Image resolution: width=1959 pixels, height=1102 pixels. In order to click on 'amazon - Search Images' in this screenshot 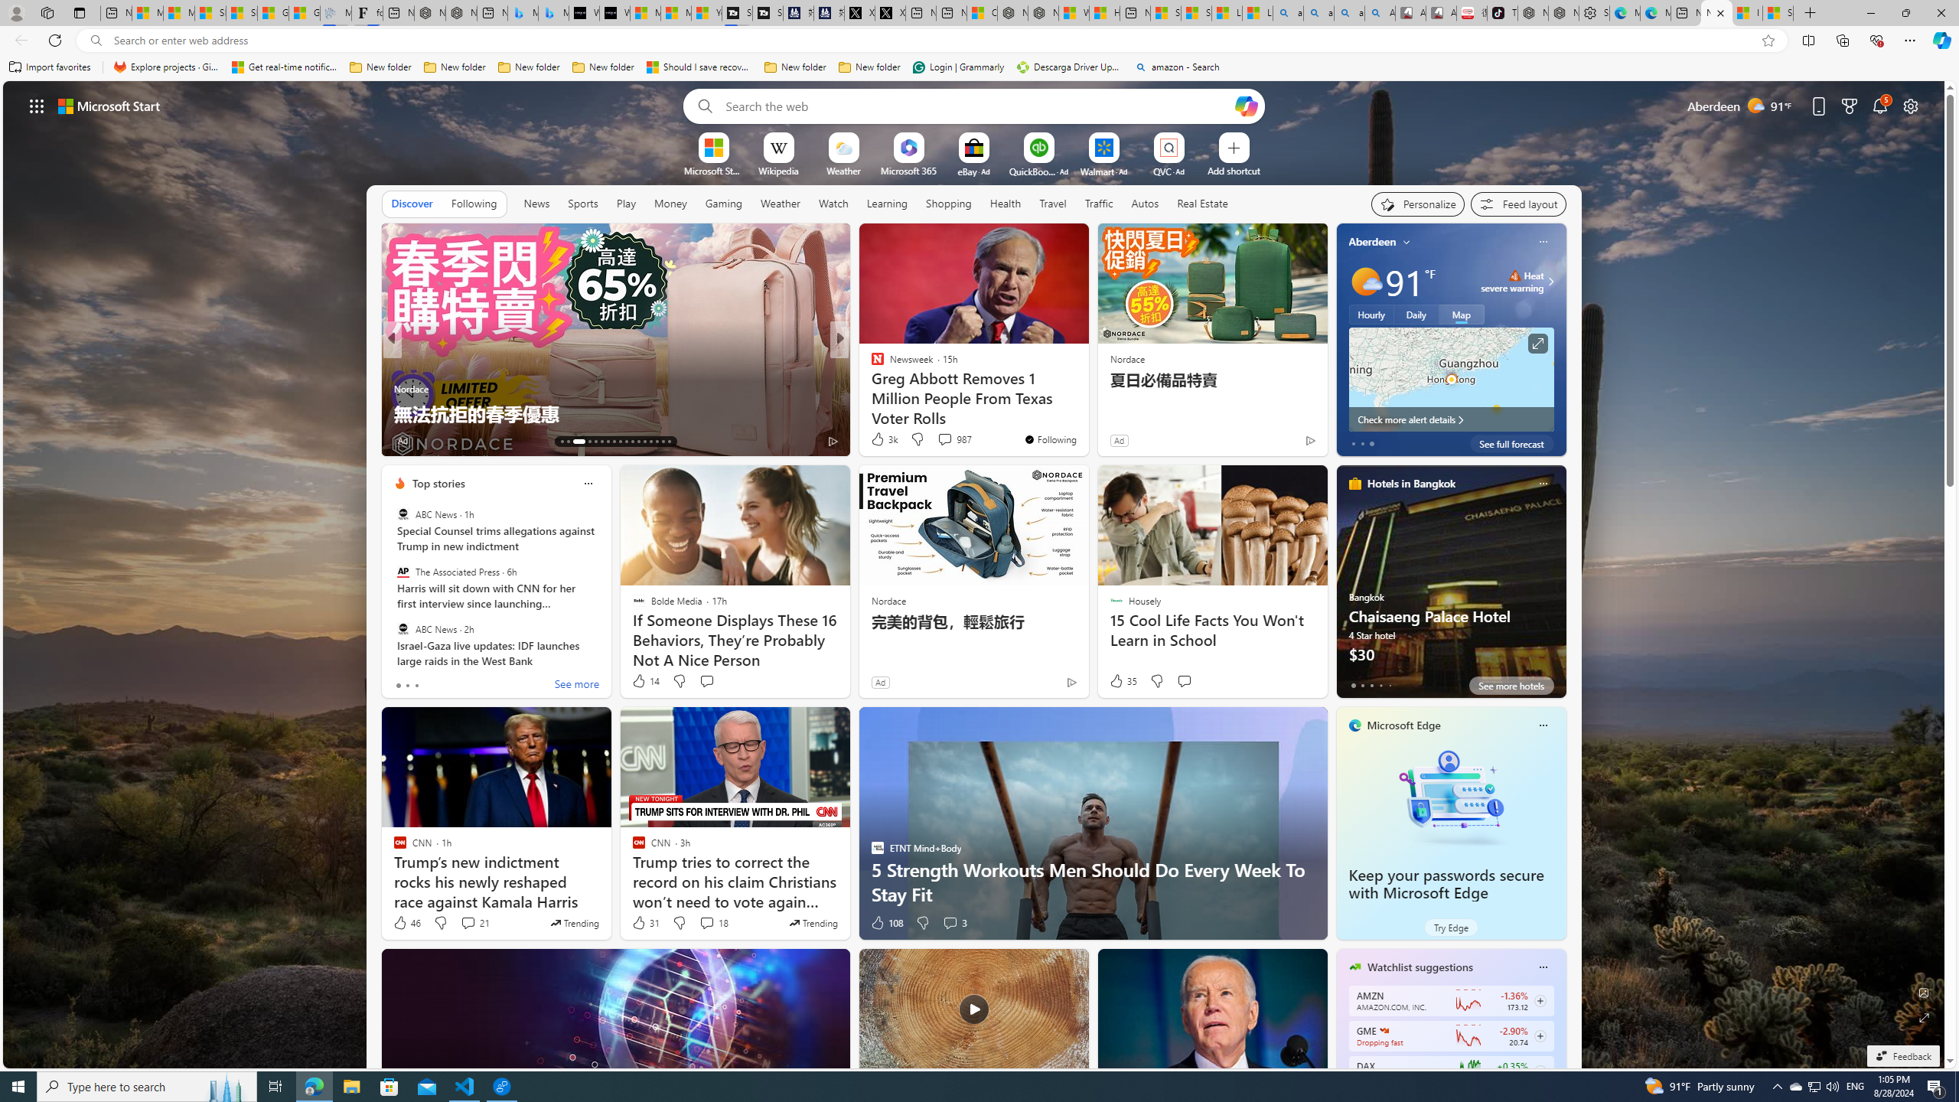, I will do `click(1348, 12)`.